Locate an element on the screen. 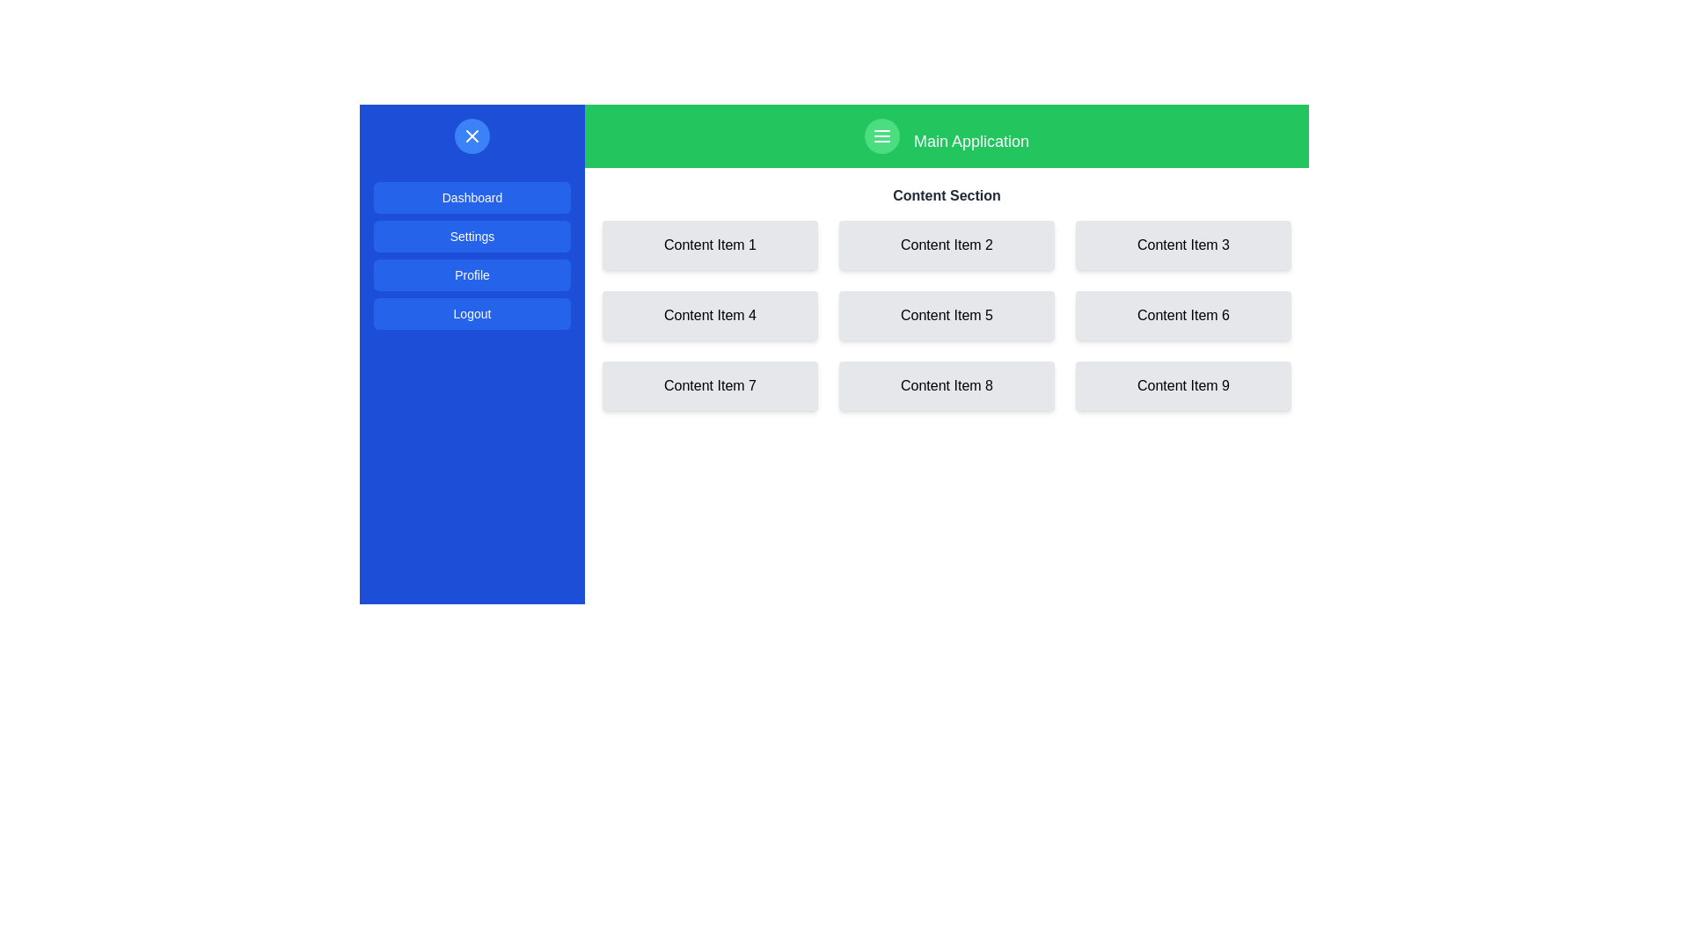 The height and width of the screenshot is (950, 1689). the circular blue button with a white 'X' icon at the top of the sidebar panel is located at coordinates (472, 135).